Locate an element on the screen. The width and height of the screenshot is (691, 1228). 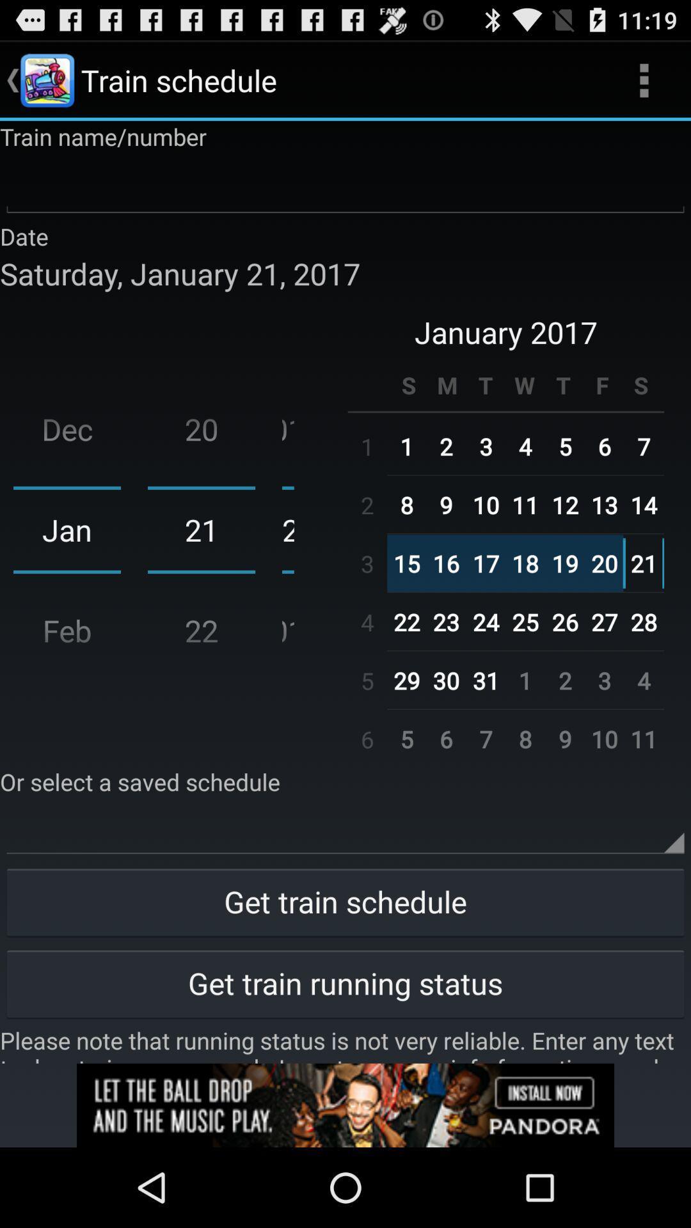
the advertisement is located at coordinates (345, 1105).